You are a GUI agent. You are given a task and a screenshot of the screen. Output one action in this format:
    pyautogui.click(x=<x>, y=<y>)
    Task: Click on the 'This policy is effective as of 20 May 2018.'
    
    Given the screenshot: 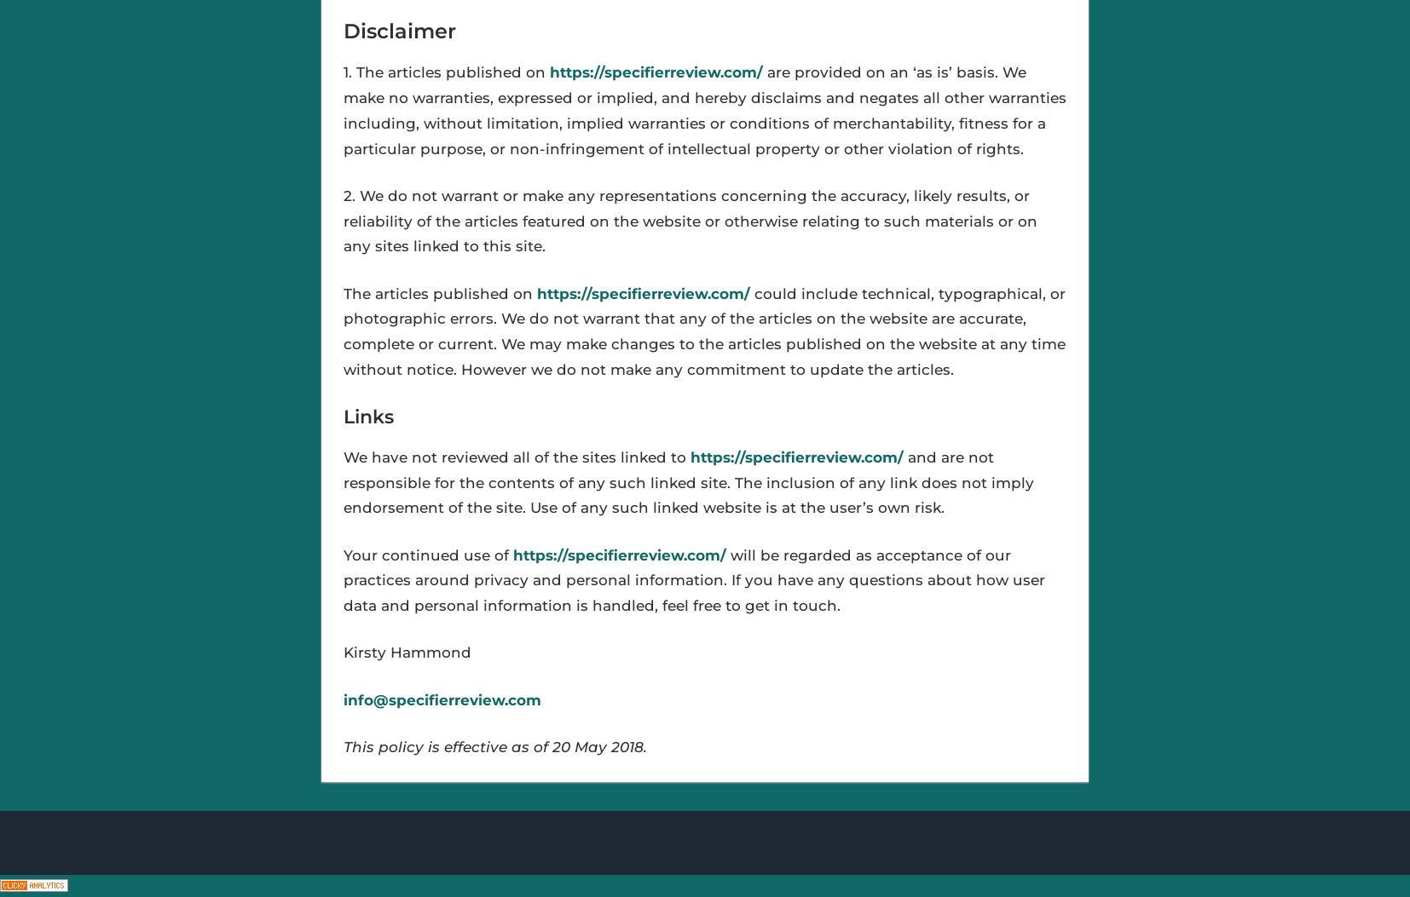 What is the action you would take?
    pyautogui.click(x=494, y=745)
    